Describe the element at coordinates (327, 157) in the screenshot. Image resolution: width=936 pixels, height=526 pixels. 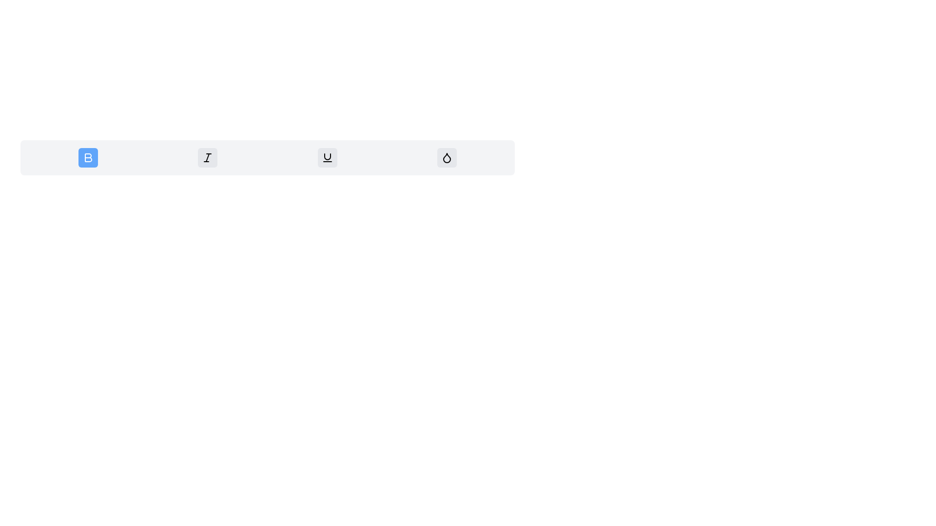
I see `the underline formatting button in the toolbar` at that location.